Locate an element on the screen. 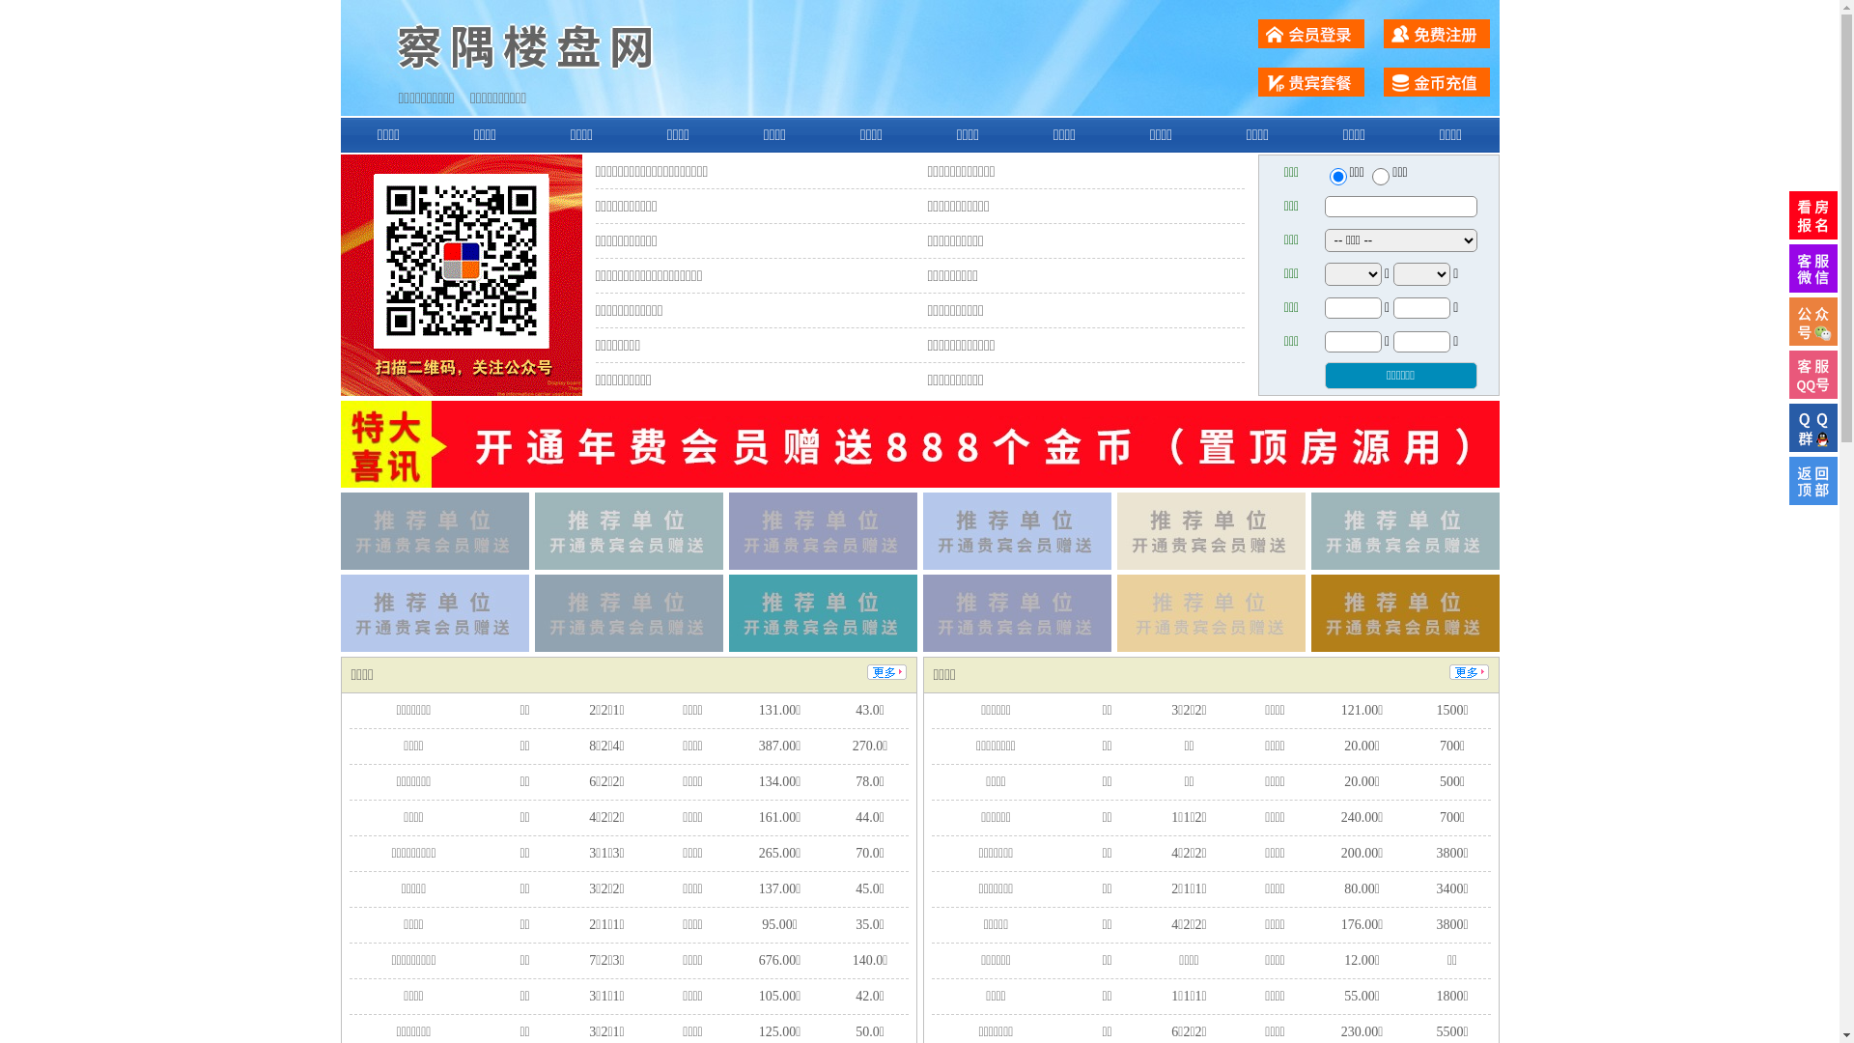 This screenshot has height=1043, width=1854. 'chuzu' is located at coordinates (1380, 176).